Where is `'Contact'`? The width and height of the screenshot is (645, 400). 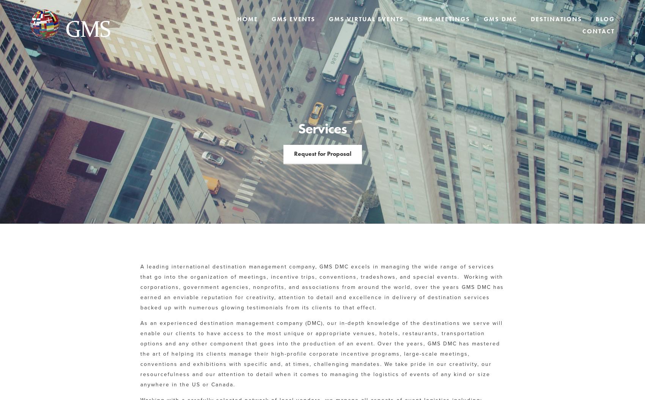
'Contact' is located at coordinates (598, 31).